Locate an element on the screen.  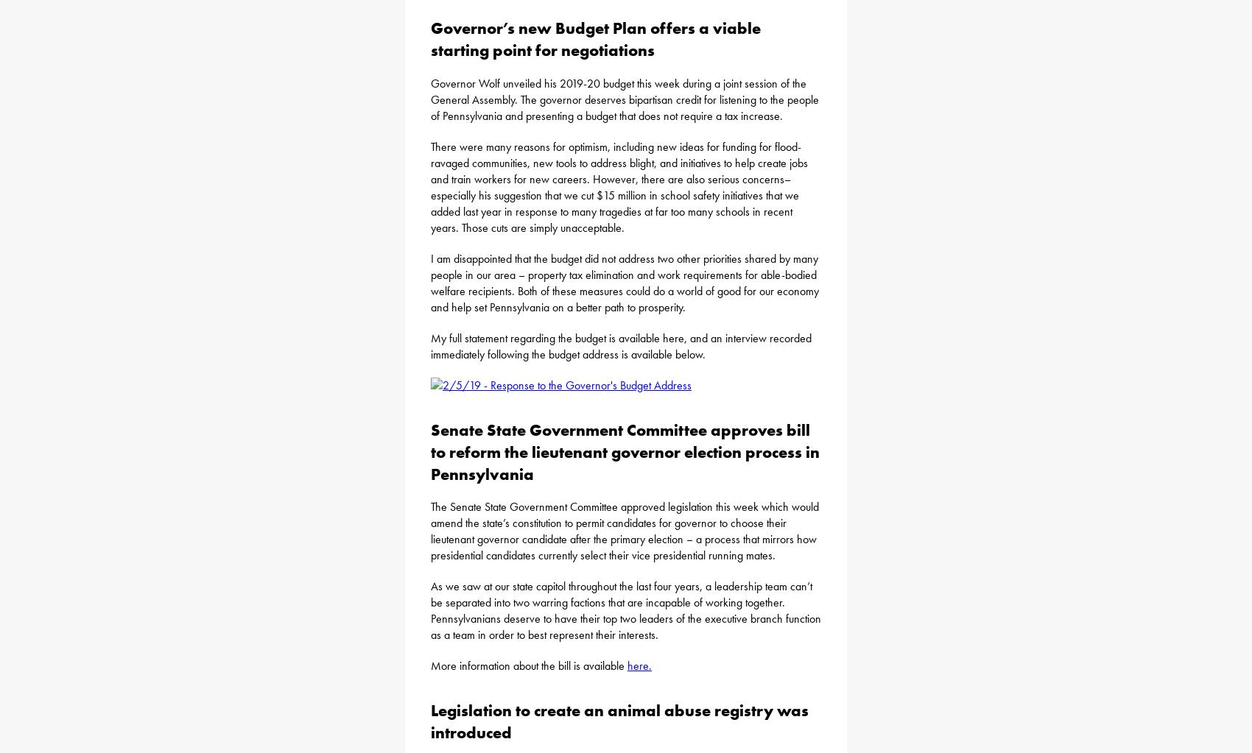
'Legislation to create an animal abuse registry was introduced' is located at coordinates (619, 721).